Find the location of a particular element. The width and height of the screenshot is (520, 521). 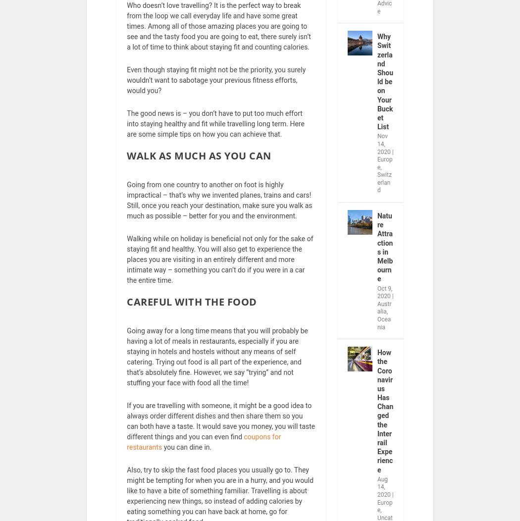

'Who doesn’t love travelling? It is the perfect way to break from the loop we call everyday life and have some great times. Among all of those amazing places you are going to see and the tasty food you are going to eat, there surely isn’t a lot of time to think about staying fit and counting calories.' is located at coordinates (218, 32).